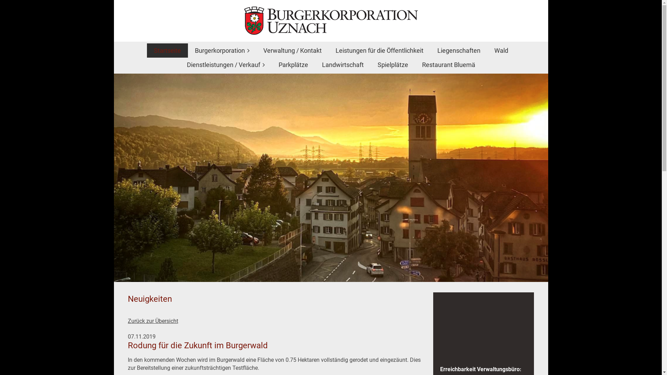 The width and height of the screenshot is (667, 375). Describe the element at coordinates (221, 50) in the screenshot. I see `'Burgerkorporation'` at that location.